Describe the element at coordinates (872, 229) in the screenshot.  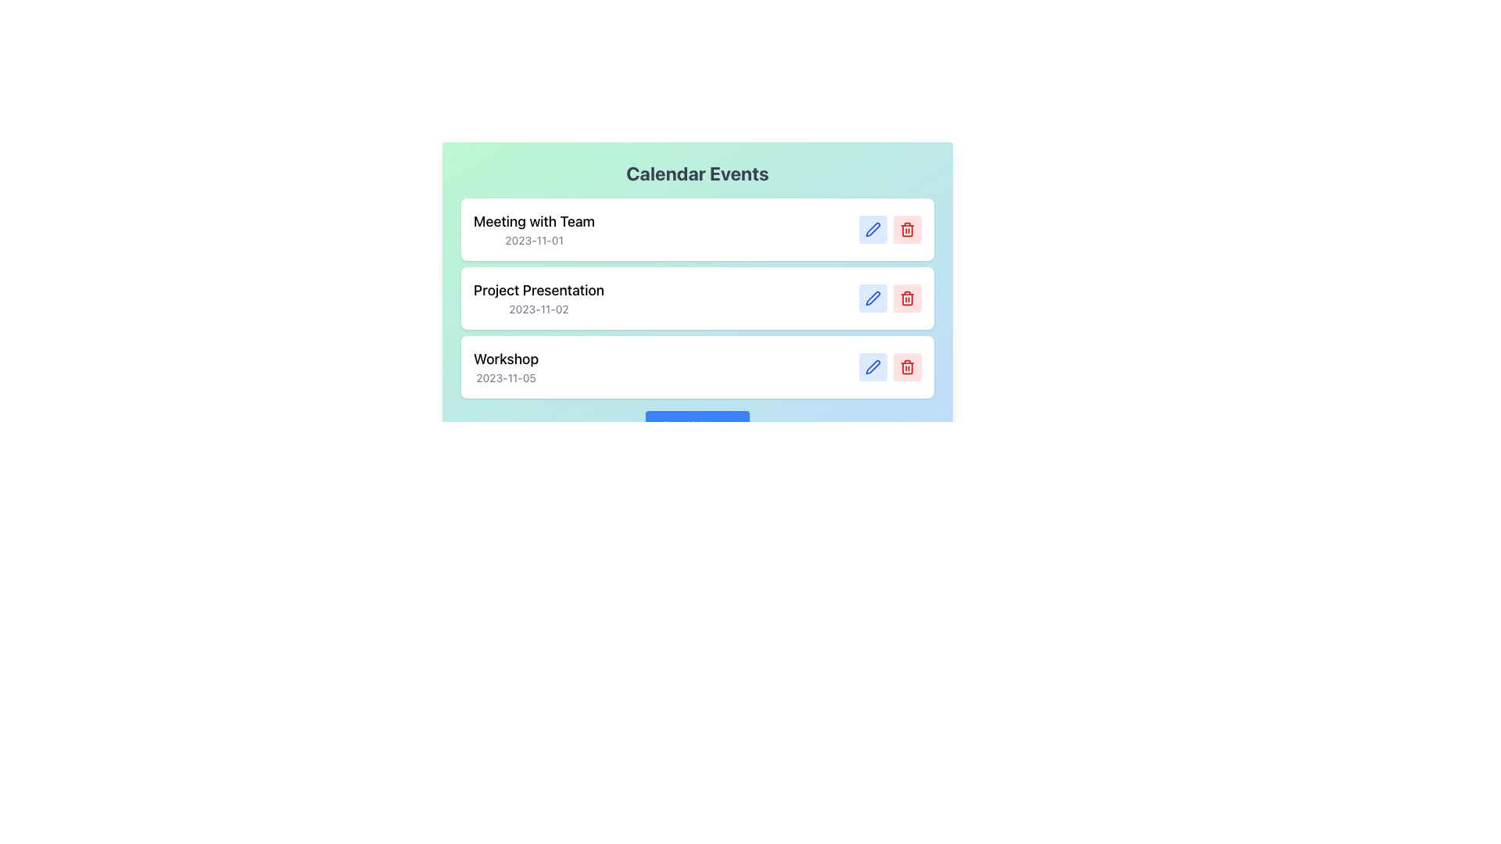
I see `the edit button with a pen icon located in the top-right of the first event item to initiate event editing` at that location.